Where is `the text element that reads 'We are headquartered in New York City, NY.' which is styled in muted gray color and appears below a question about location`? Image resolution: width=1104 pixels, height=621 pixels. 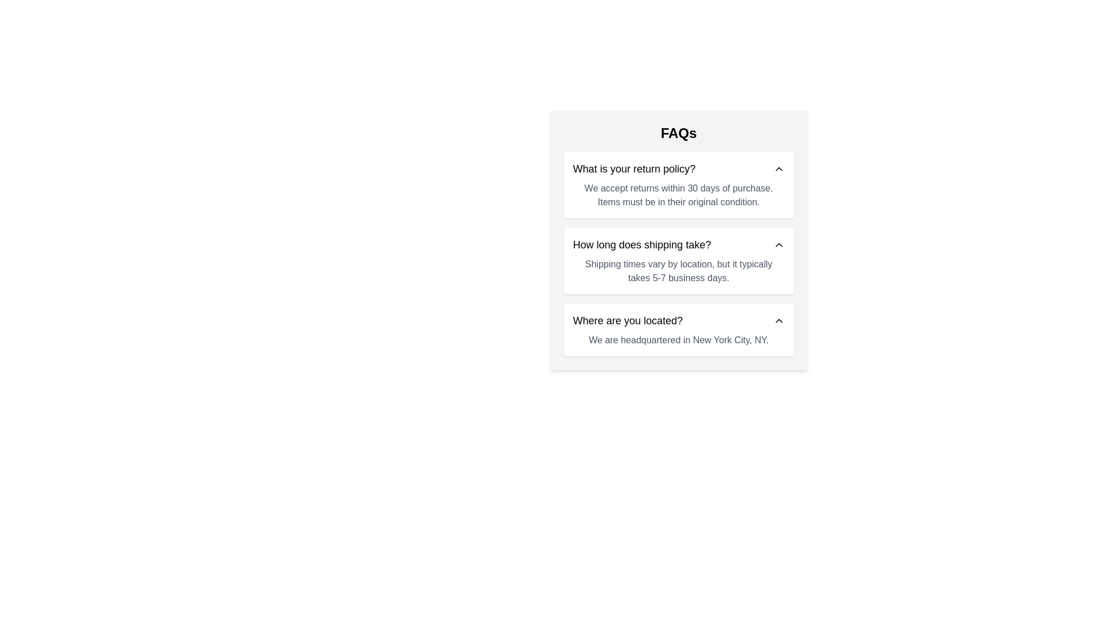
the text element that reads 'We are headquartered in New York City, NY.' which is styled in muted gray color and appears below a question about location is located at coordinates (678, 339).